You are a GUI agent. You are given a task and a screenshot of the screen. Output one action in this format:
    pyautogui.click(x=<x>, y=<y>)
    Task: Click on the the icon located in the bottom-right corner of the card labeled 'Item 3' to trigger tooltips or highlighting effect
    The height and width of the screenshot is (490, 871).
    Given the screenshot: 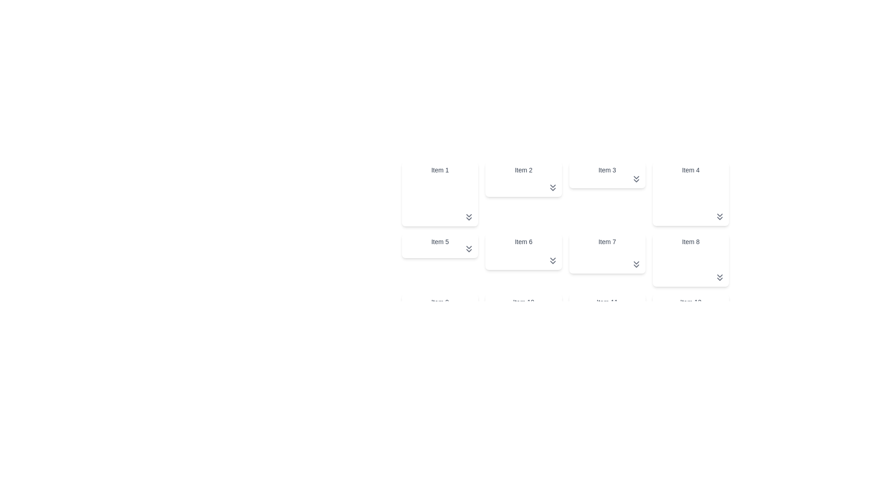 What is the action you would take?
    pyautogui.click(x=636, y=179)
    